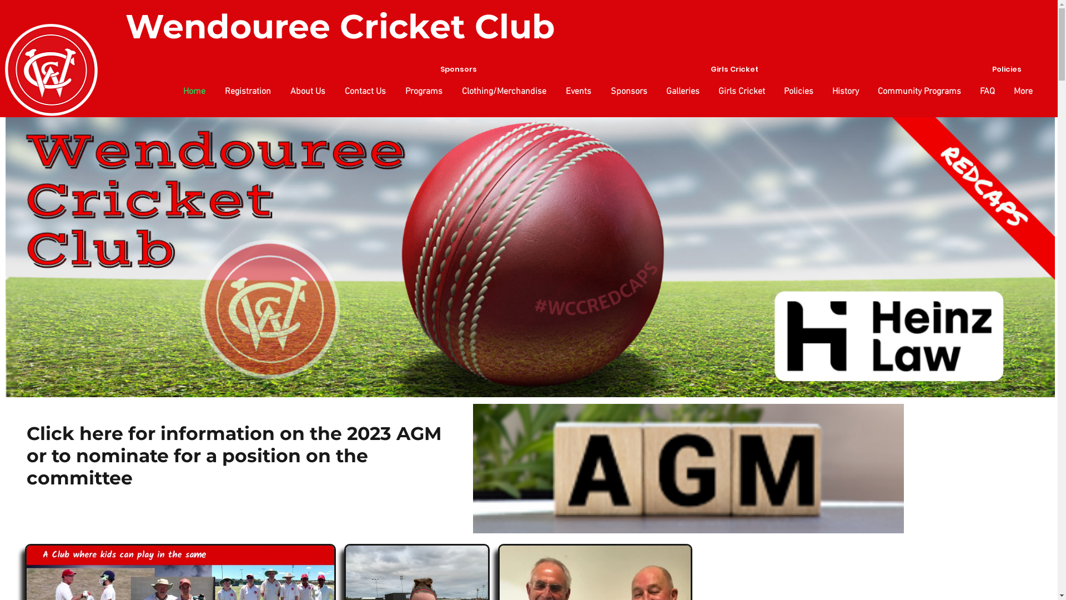 This screenshot has width=1066, height=600. Describe the element at coordinates (681, 91) in the screenshot. I see `'Galleries'` at that location.